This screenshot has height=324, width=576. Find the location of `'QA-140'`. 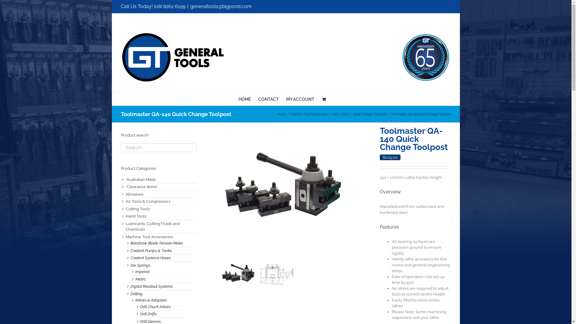

'QA-140' is located at coordinates (284, 191).